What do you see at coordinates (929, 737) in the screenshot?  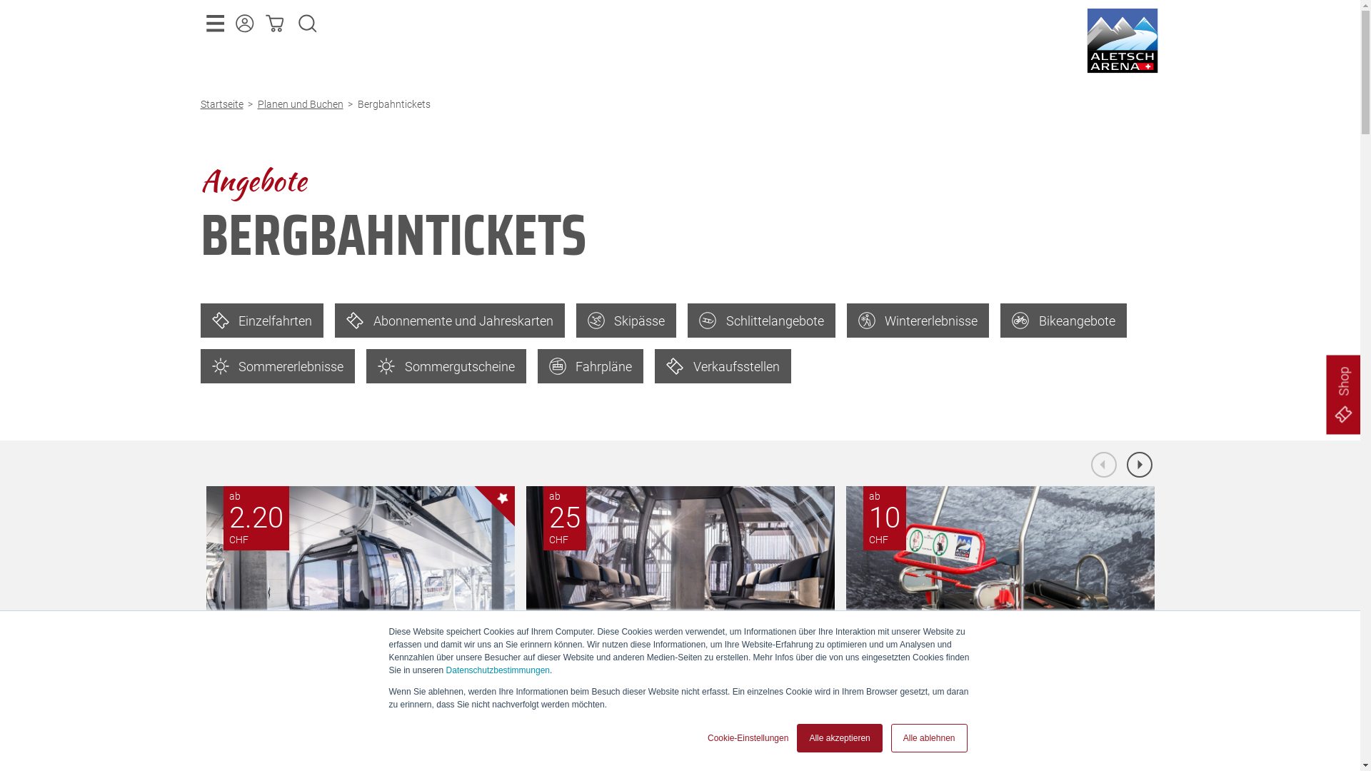 I see `'Alle ablehnen'` at bounding box center [929, 737].